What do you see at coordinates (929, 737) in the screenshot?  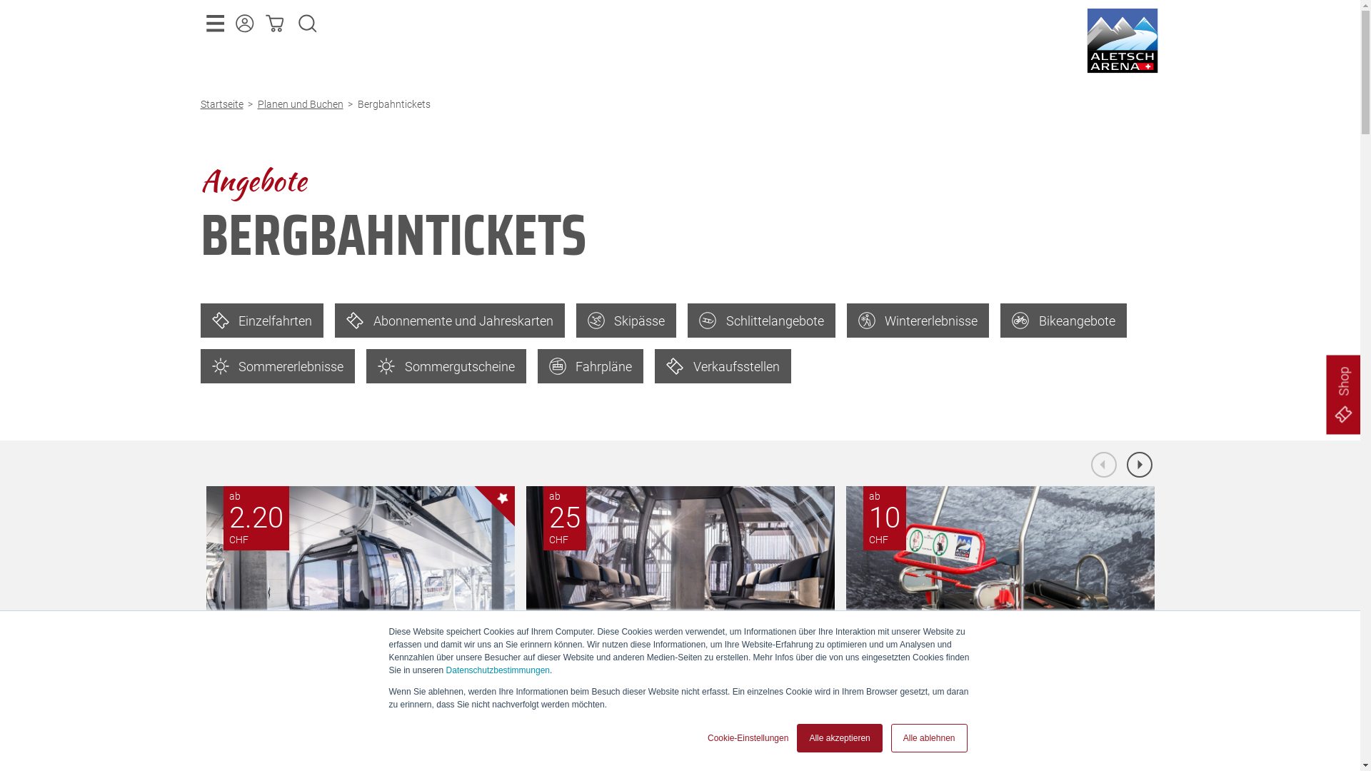 I see `'Alle ablehnen'` at bounding box center [929, 737].